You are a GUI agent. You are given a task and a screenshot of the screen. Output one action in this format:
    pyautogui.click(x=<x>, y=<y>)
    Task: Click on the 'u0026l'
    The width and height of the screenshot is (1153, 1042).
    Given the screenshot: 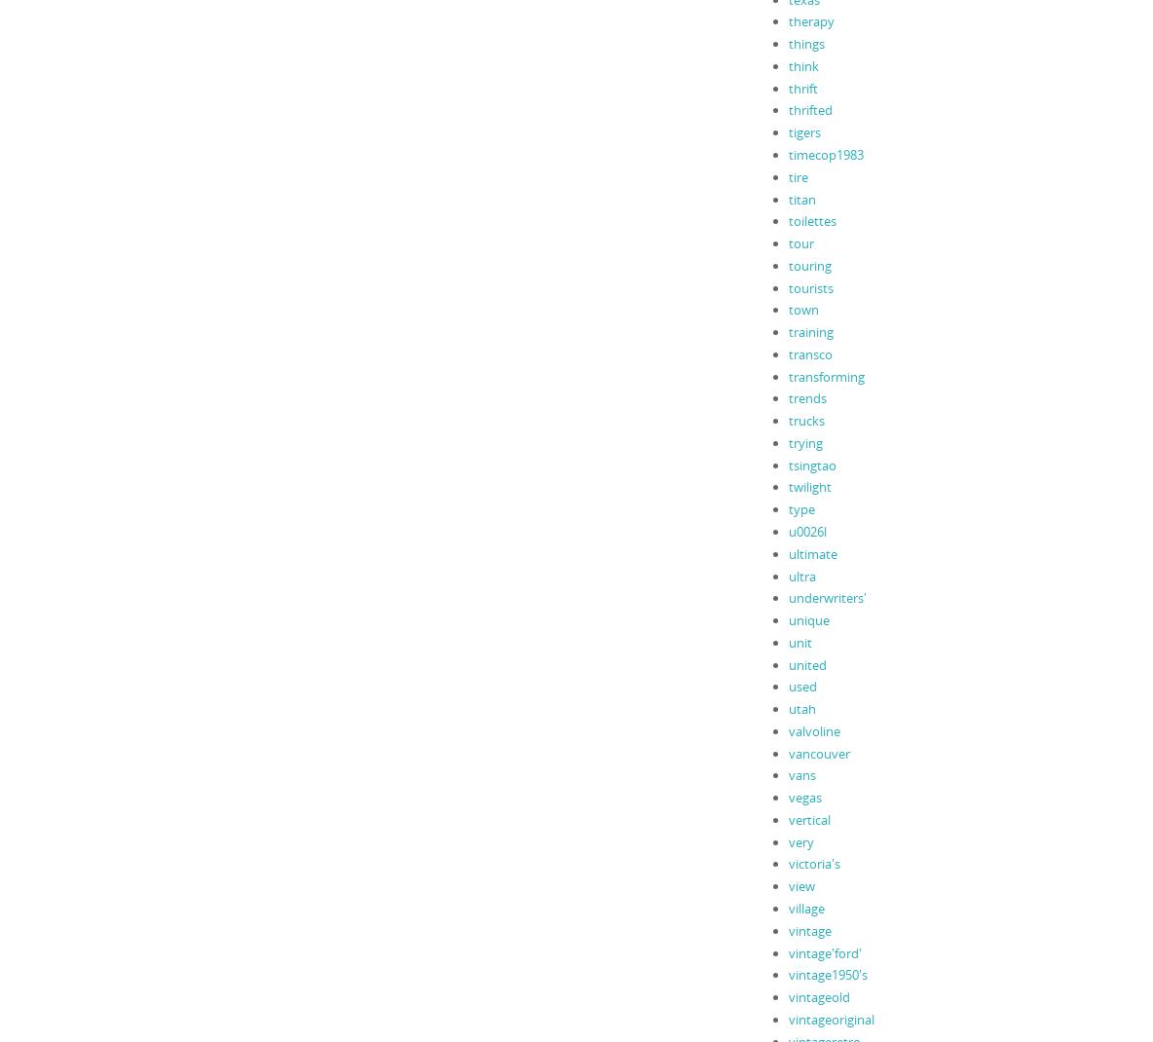 What is the action you would take?
    pyautogui.click(x=806, y=529)
    